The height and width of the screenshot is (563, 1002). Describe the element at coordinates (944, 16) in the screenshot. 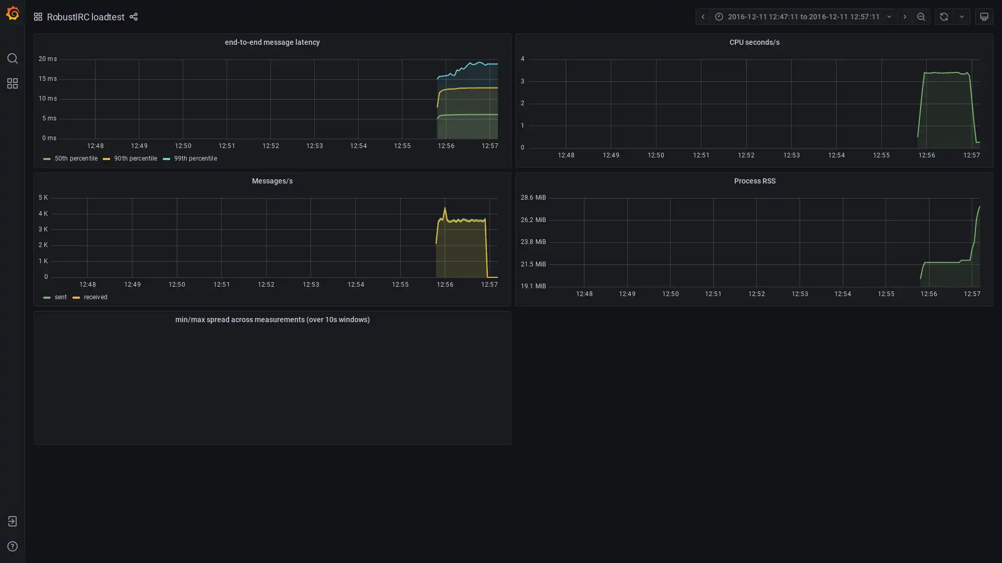

I see `Refresh dashboard` at that location.